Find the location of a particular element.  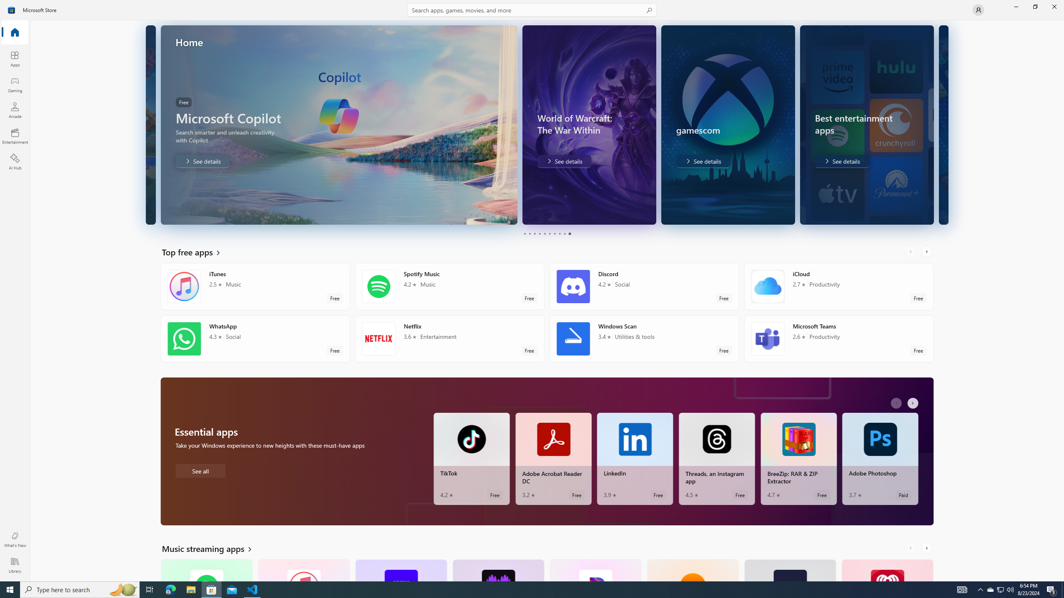

'What' is located at coordinates (14, 539).